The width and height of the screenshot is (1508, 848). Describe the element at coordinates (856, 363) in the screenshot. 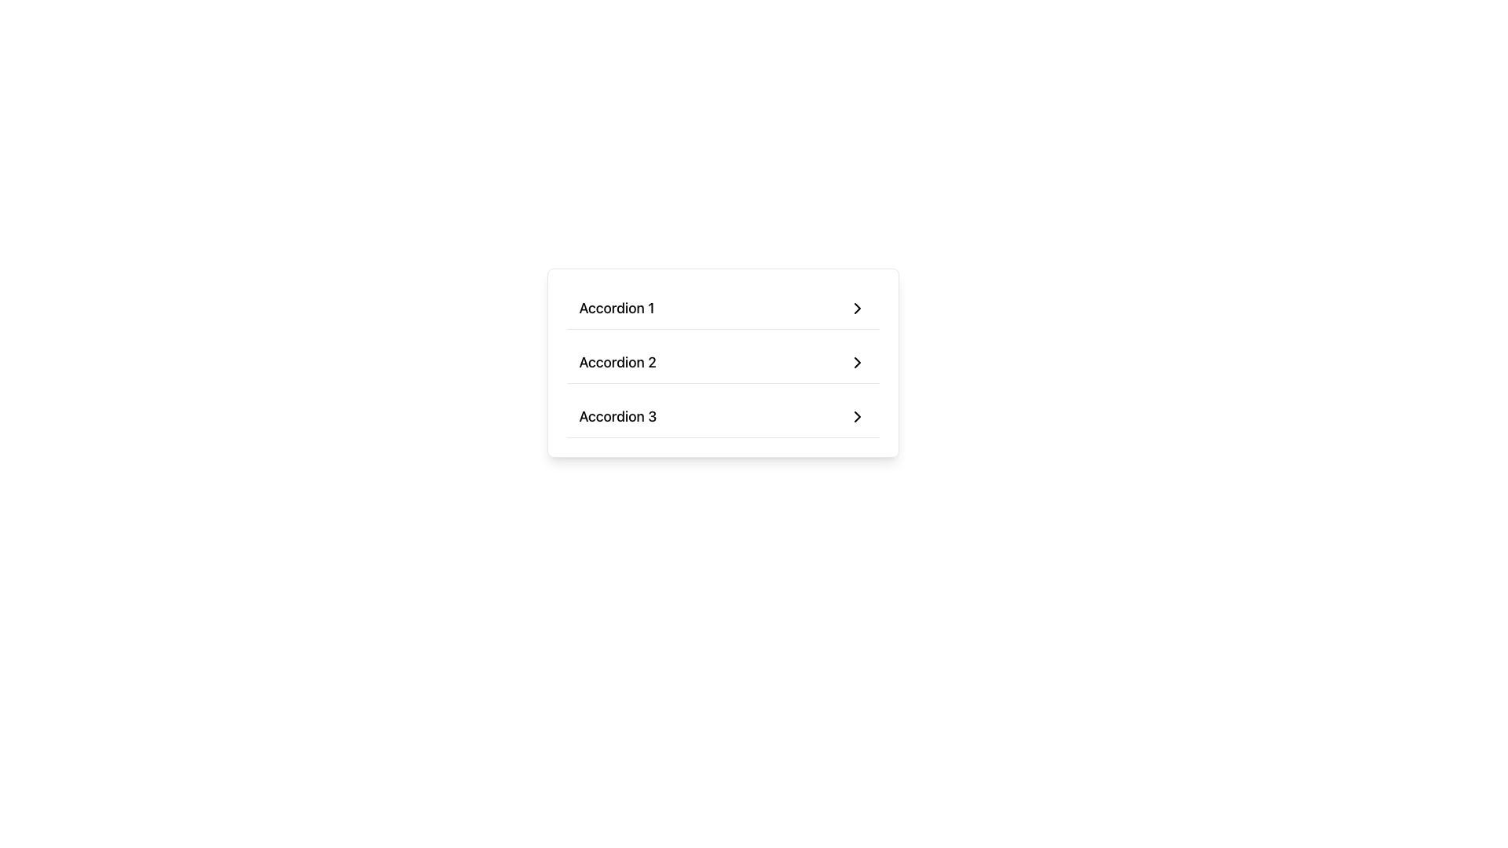

I see `the rightward-pointing chevron icon in the accordion menu associated with 'Accordion 2'` at that location.